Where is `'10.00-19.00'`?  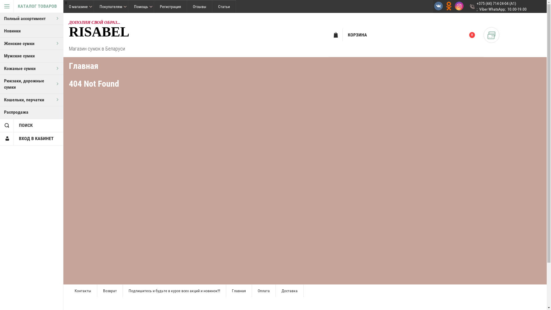 '10.00-19.00' is located at coordinates (517, 9).